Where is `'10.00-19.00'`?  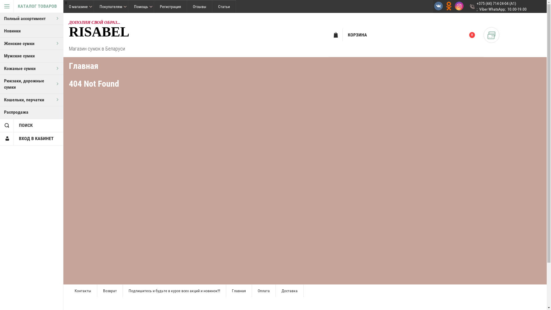 '10.00-19.00' is located at coordinates (517, 9).